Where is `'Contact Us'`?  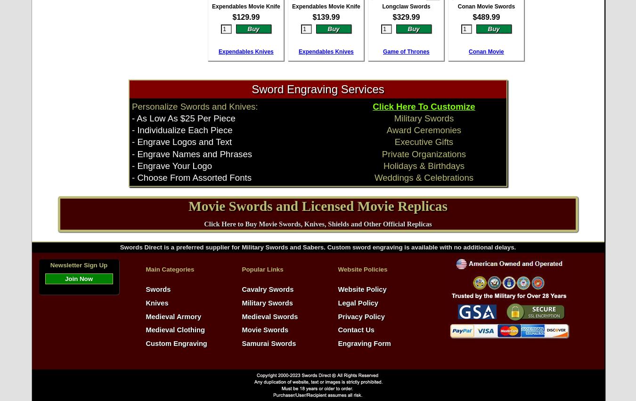
'Contact Us' is located at coordinates (355, 330).